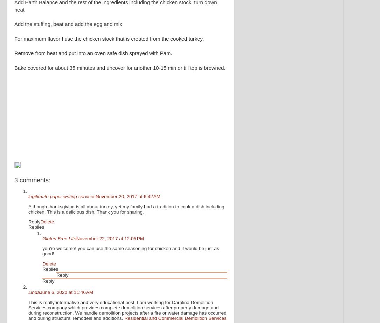 This screenshot has height=323, width=380. What do you see at coordinates (110, 238) in the screenshot?
I see `'November 22, 2017 at 12:05 PM'` at bounding box center [110, 238].